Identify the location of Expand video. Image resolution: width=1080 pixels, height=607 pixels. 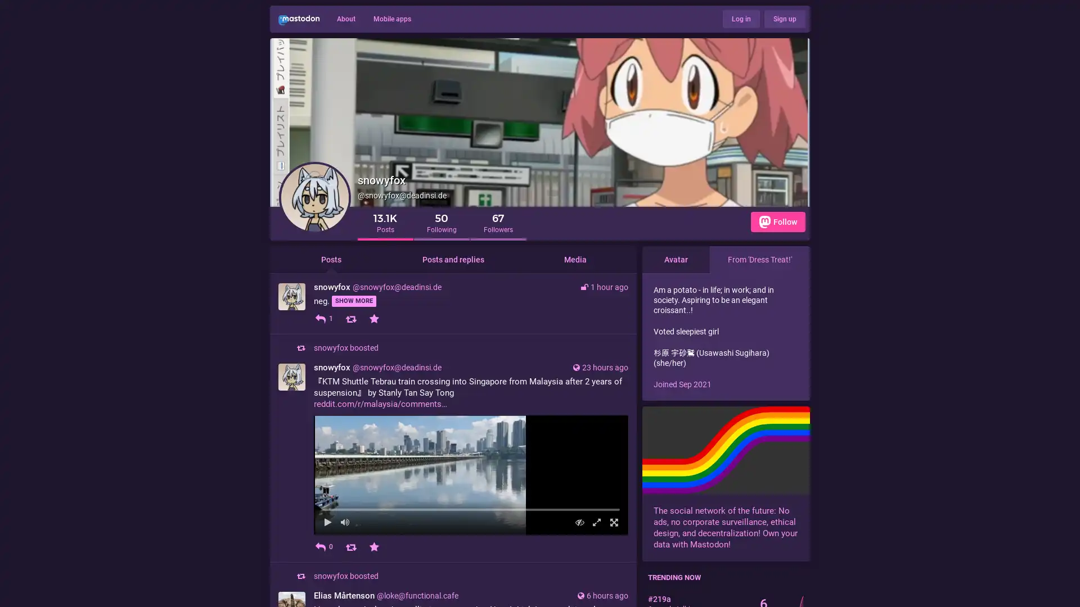
(596, 579).